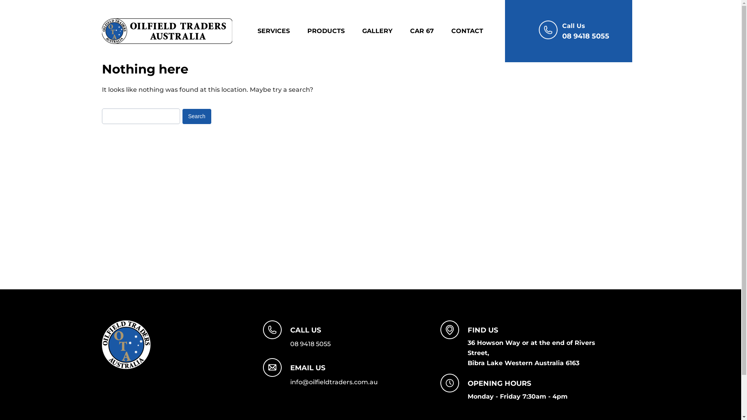 The height and width of the screenshot is (420, 747). What do you see at coordinates (281, 30) in the screenshot?
I see `'SERVICES'` at bounding box center [281, 30].